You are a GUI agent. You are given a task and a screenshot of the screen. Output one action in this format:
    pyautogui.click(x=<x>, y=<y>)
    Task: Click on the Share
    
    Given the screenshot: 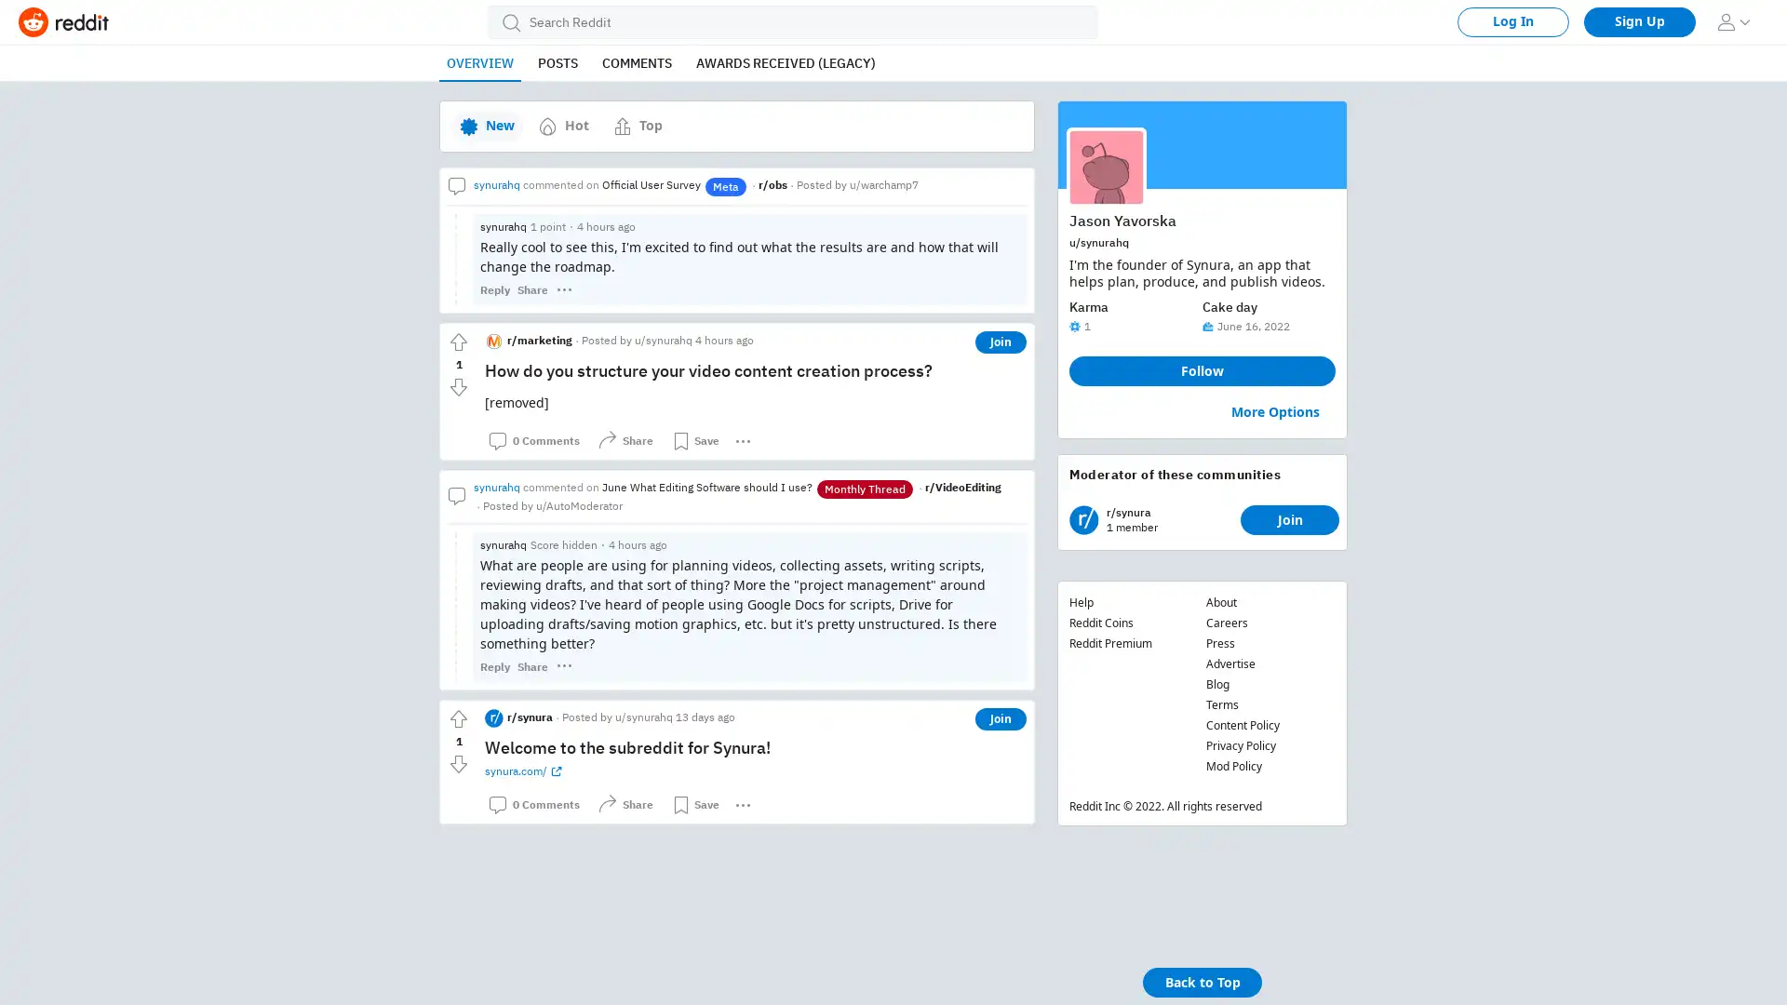 What is the action you would take?
    pyautogui.click(x=531, y=665)
    